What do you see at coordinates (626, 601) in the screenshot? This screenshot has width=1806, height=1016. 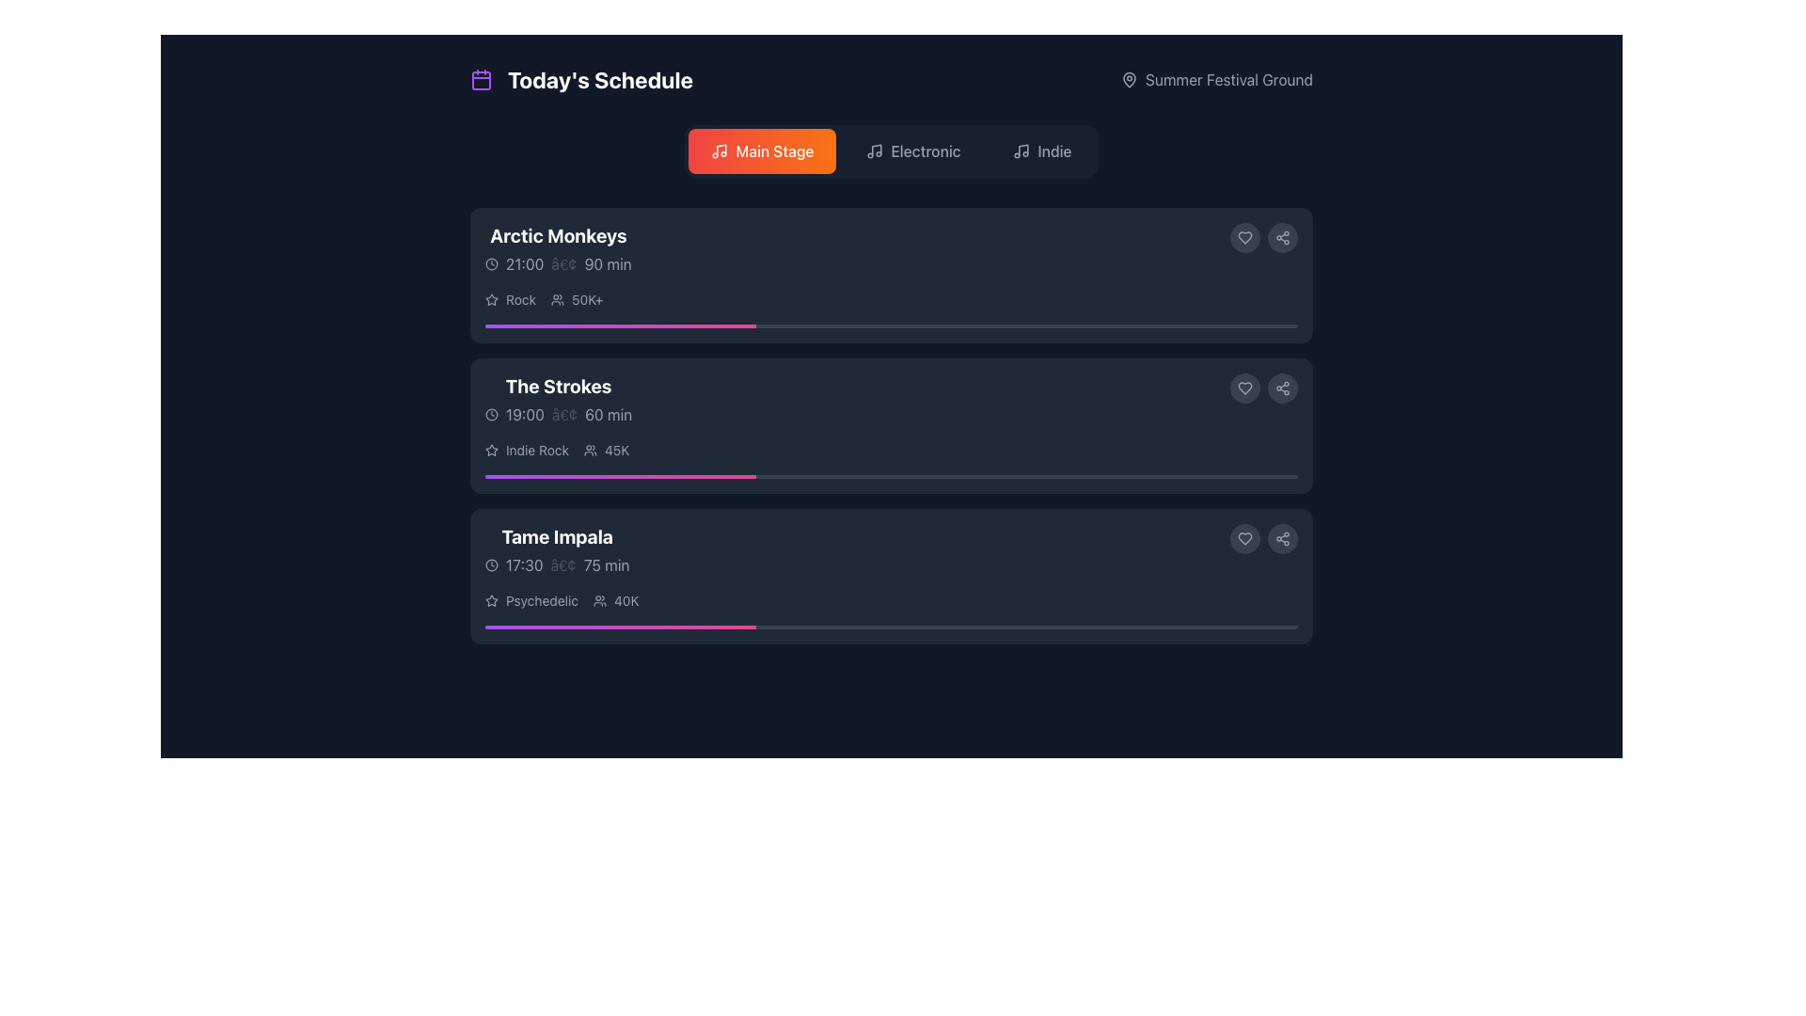 I see `the static text label displaying '40K', which is light gray and styled in a small, sans-serif font, positioned to the right of a user group icon in the third row of the 'Tame Impala' list` at bounding box center [626, 601].